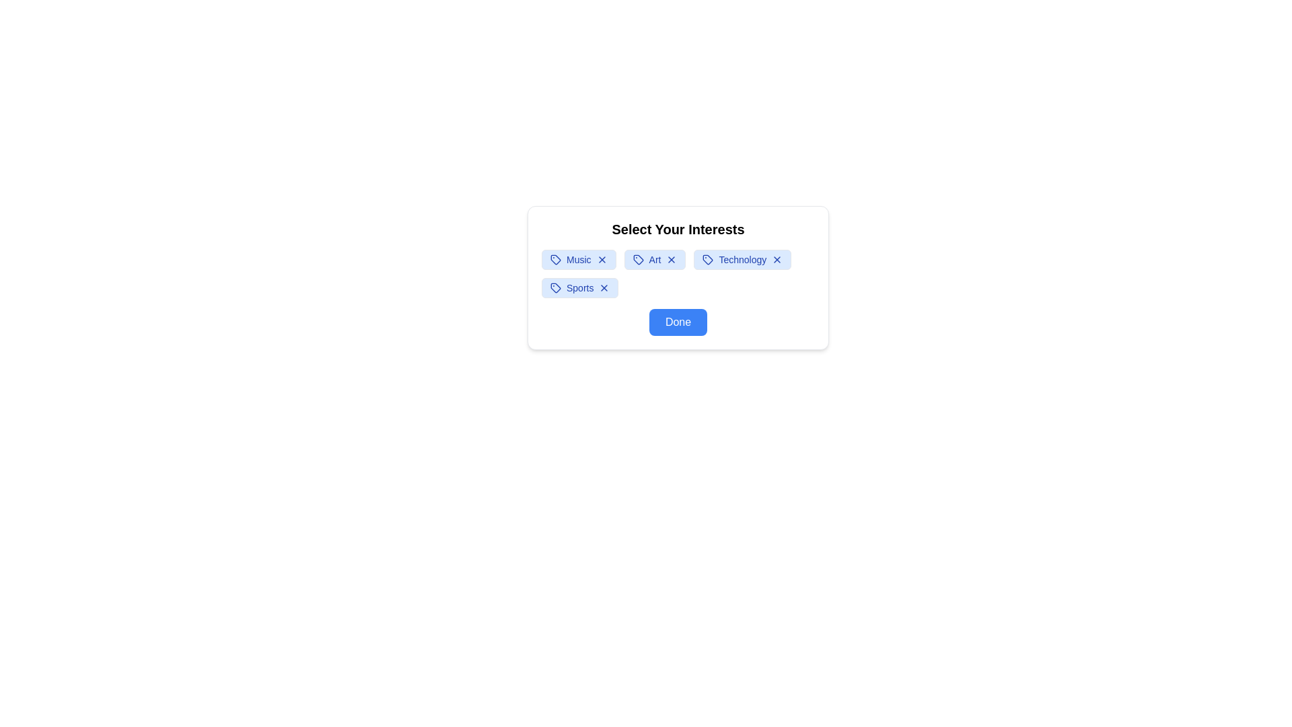 The height and width of the screenshot is (727, 1292). What do you see at coordinates (579, 259) in the screenshot?
I see `the text within the interest tag labeled 'Music' to select it` at bounding box center [579, 259].